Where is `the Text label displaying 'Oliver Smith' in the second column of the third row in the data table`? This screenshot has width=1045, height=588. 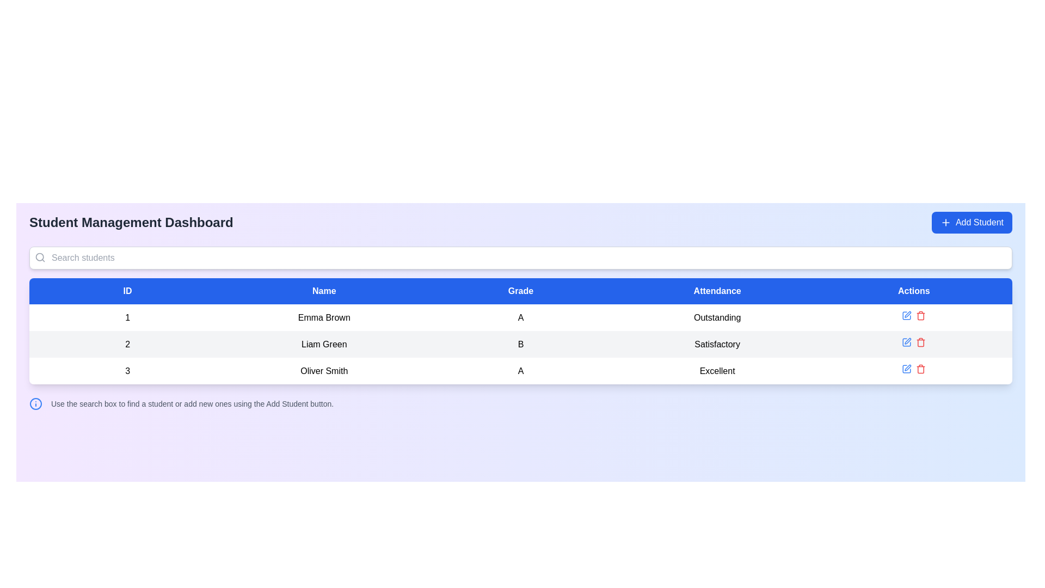
the Text label displaying 'Oliver Smith' in the second column of the third row in the data table is located at coordinates (323, 370).